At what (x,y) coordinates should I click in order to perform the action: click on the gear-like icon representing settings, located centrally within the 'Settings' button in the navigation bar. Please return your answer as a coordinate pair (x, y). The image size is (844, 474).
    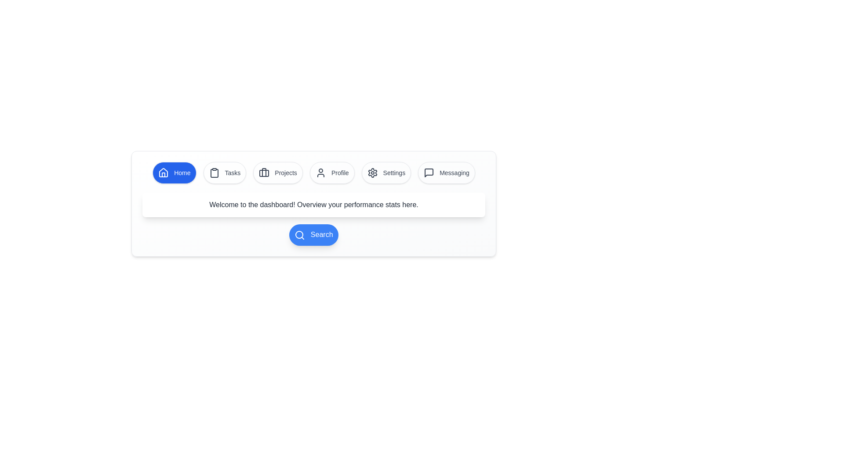
    Looking at the image, I should click on (372, 172).